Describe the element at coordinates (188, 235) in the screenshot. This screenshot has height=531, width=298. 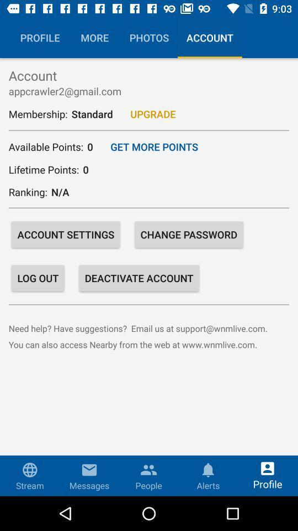
I see `the change password` at that location.